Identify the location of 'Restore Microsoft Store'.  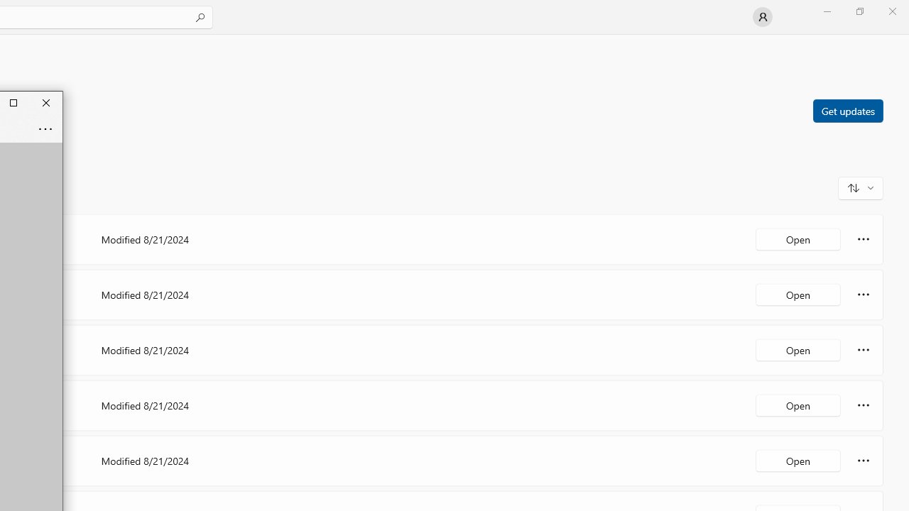
(859, 11).